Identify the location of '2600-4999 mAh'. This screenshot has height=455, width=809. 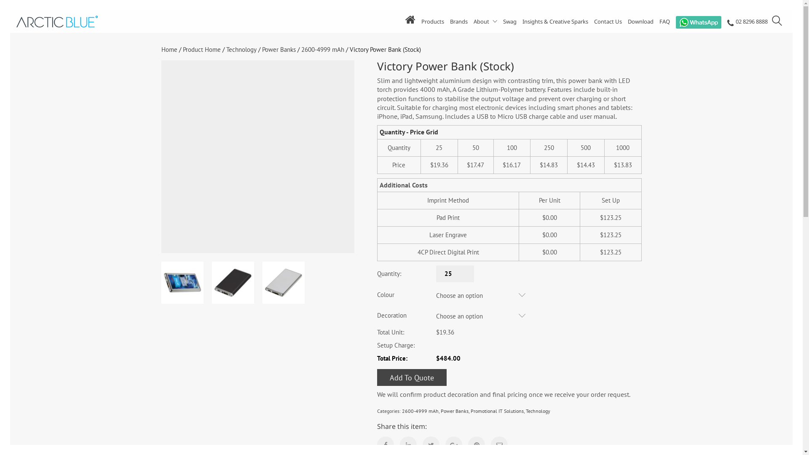
(301, 50).